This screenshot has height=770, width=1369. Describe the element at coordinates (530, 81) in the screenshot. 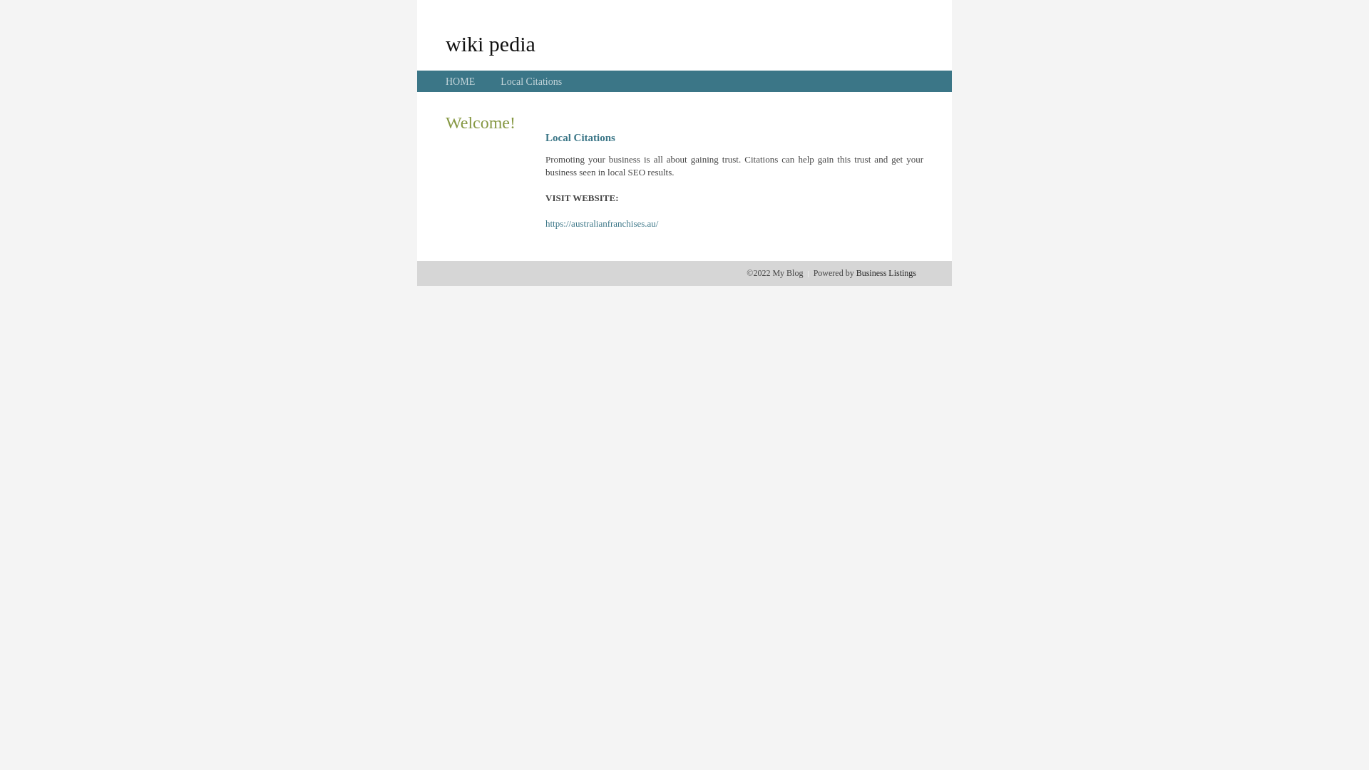

I see `'Local Citations'` at that location.